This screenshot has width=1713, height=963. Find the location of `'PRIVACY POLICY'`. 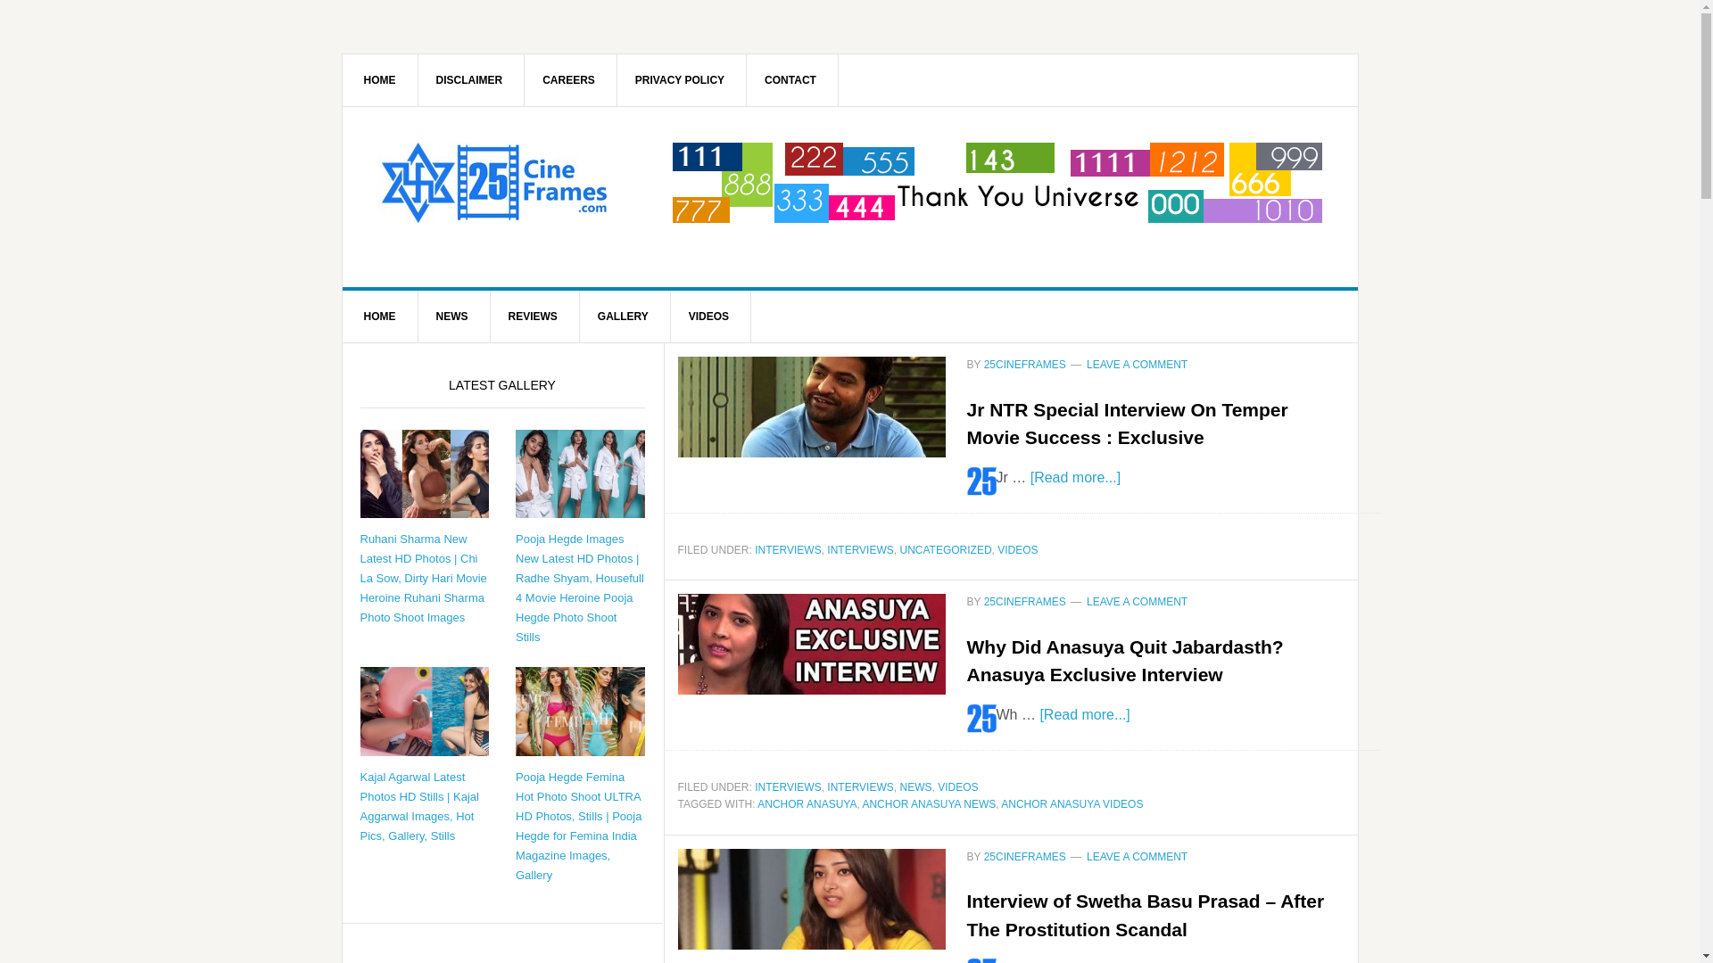

'PRIVACY POLICY' is located at coordinates (679, 78).